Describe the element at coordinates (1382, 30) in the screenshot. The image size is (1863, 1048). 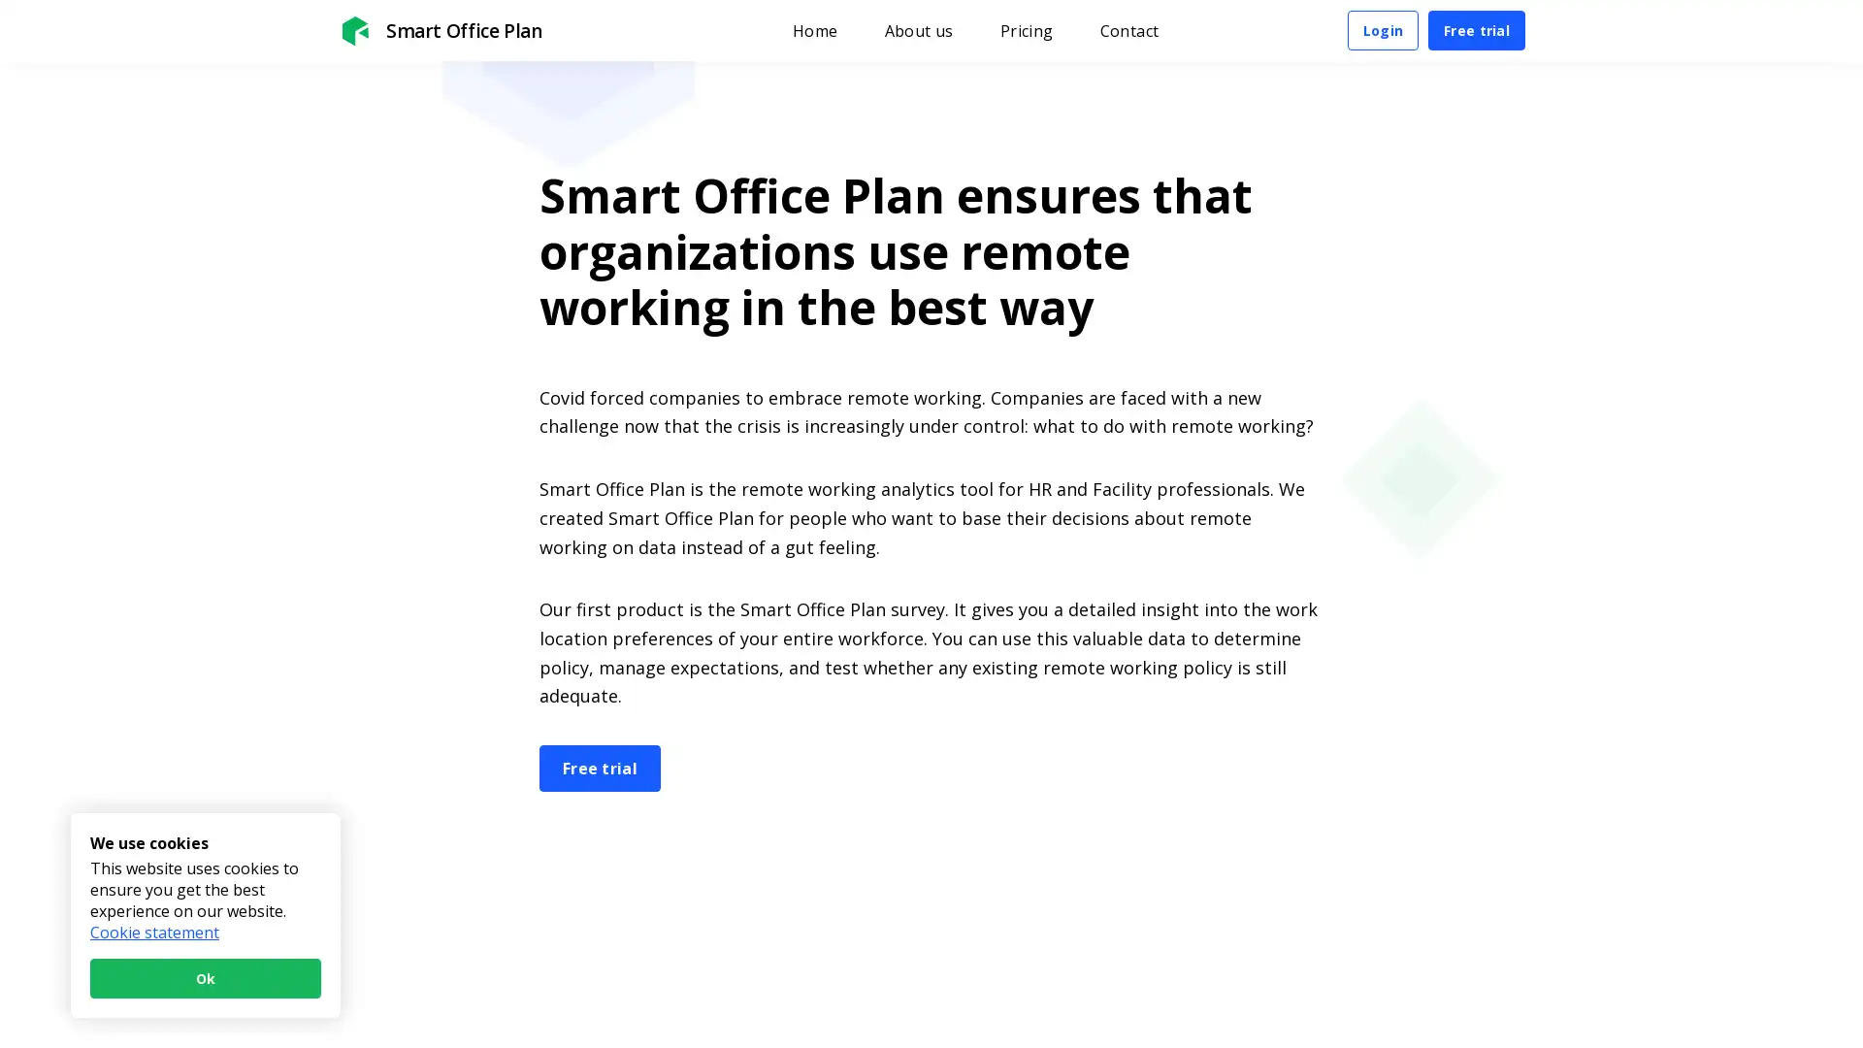
I see `Login` at that location.